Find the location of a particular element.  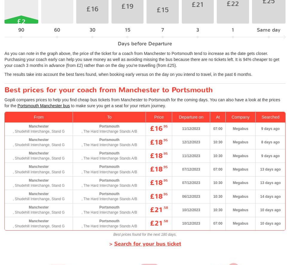

'Search for your bus ticket' is located at coordinates (147, 243).